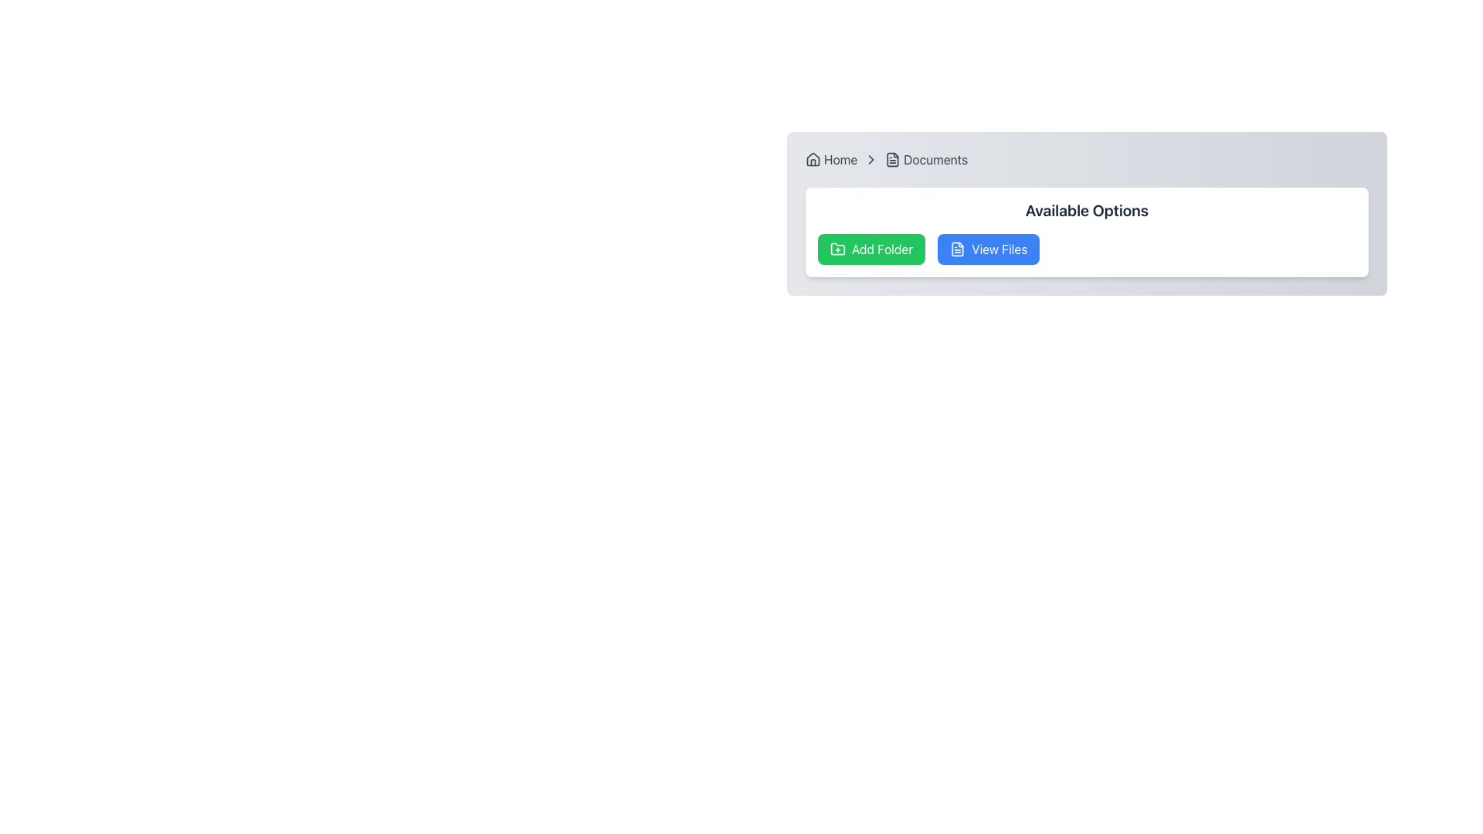 The width and height of the screenshot is (1483, 834). Describe the element at coordinates (957, 249) in the screenshot. I see `the 'View Files' button that contains the file indicator icon` at that location.